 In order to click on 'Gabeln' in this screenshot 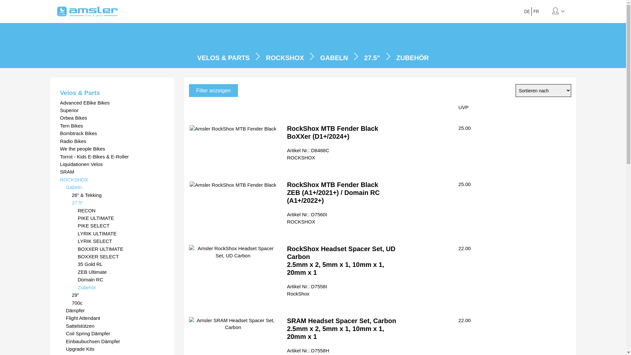, I will do `click(66, 187)`.